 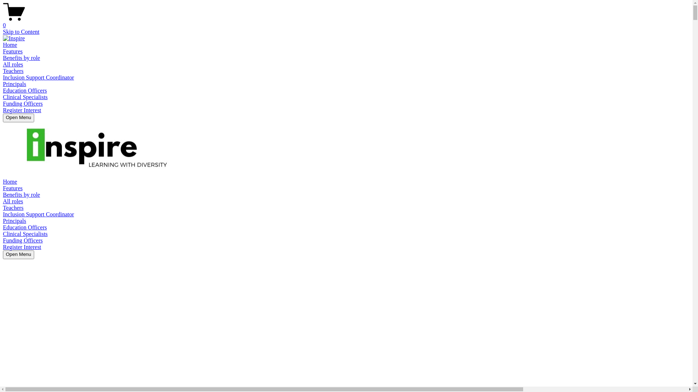 I want to click on 'Benefits by role', so click(x=21, y=57).